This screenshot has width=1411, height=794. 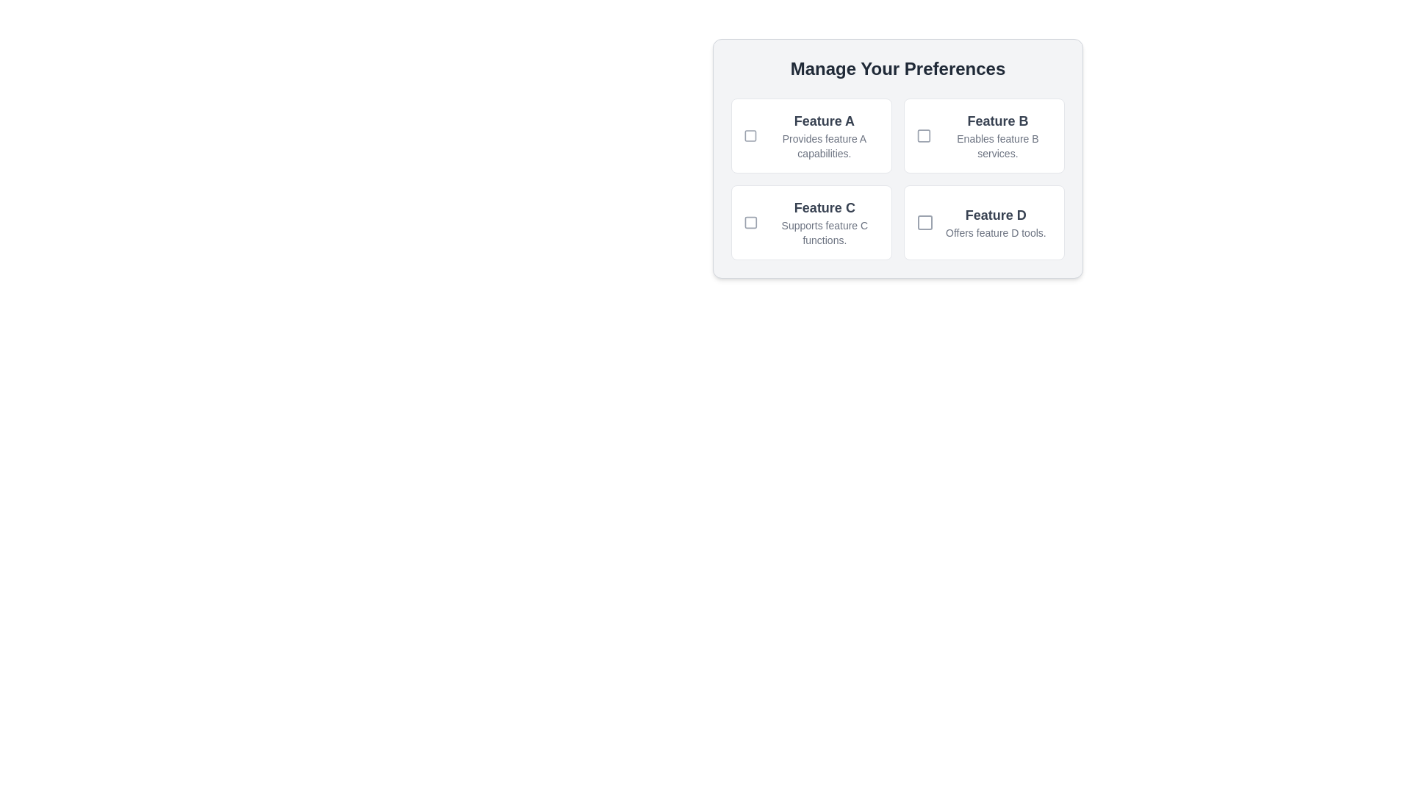 I want to click on the selectable option for 'Feature D', so click(x=984, y=223).